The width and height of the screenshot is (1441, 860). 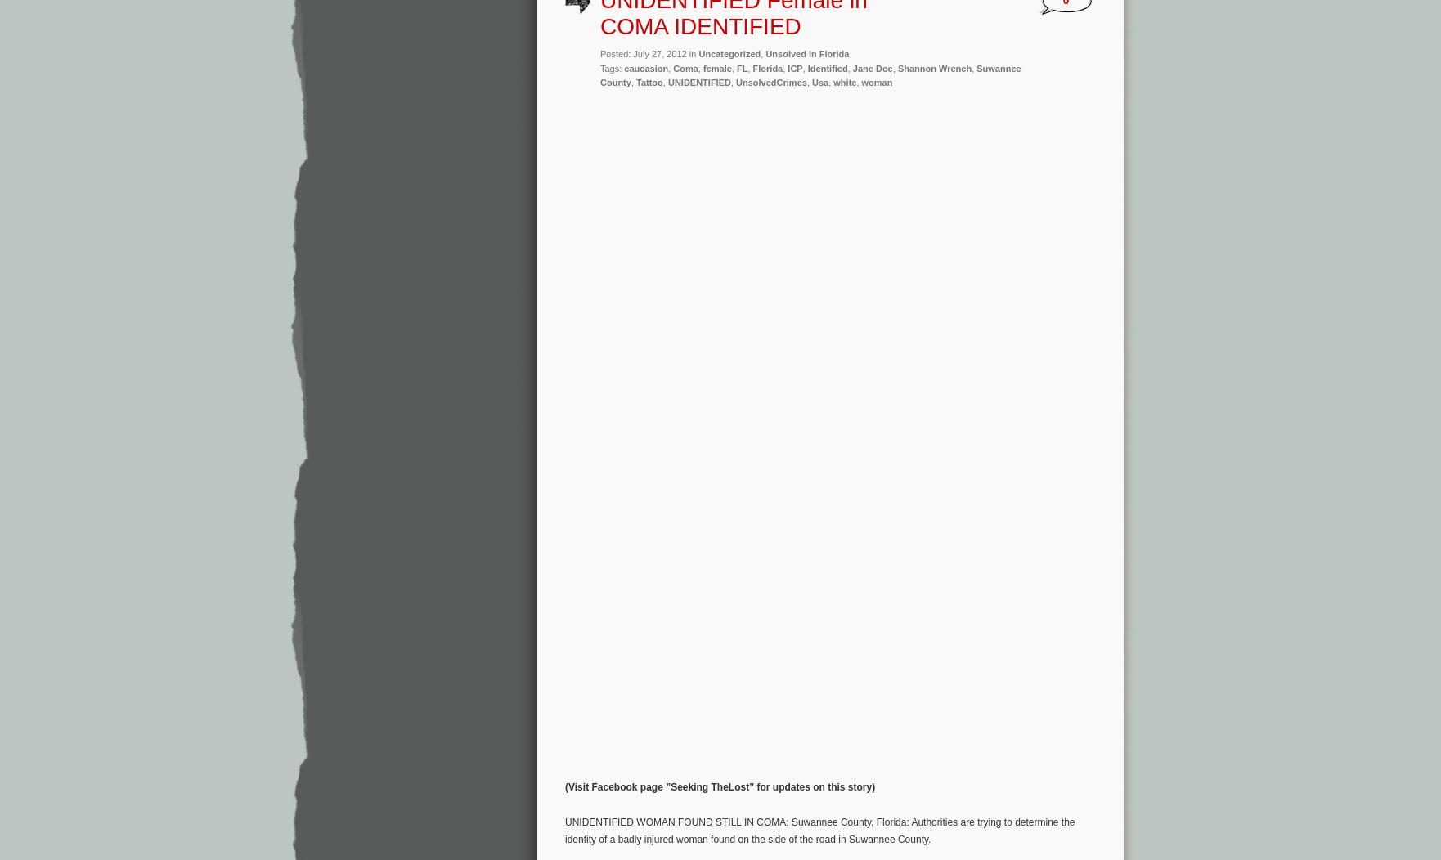 I want to click on 'Shannon Wrench', so click(x=934, y=67).